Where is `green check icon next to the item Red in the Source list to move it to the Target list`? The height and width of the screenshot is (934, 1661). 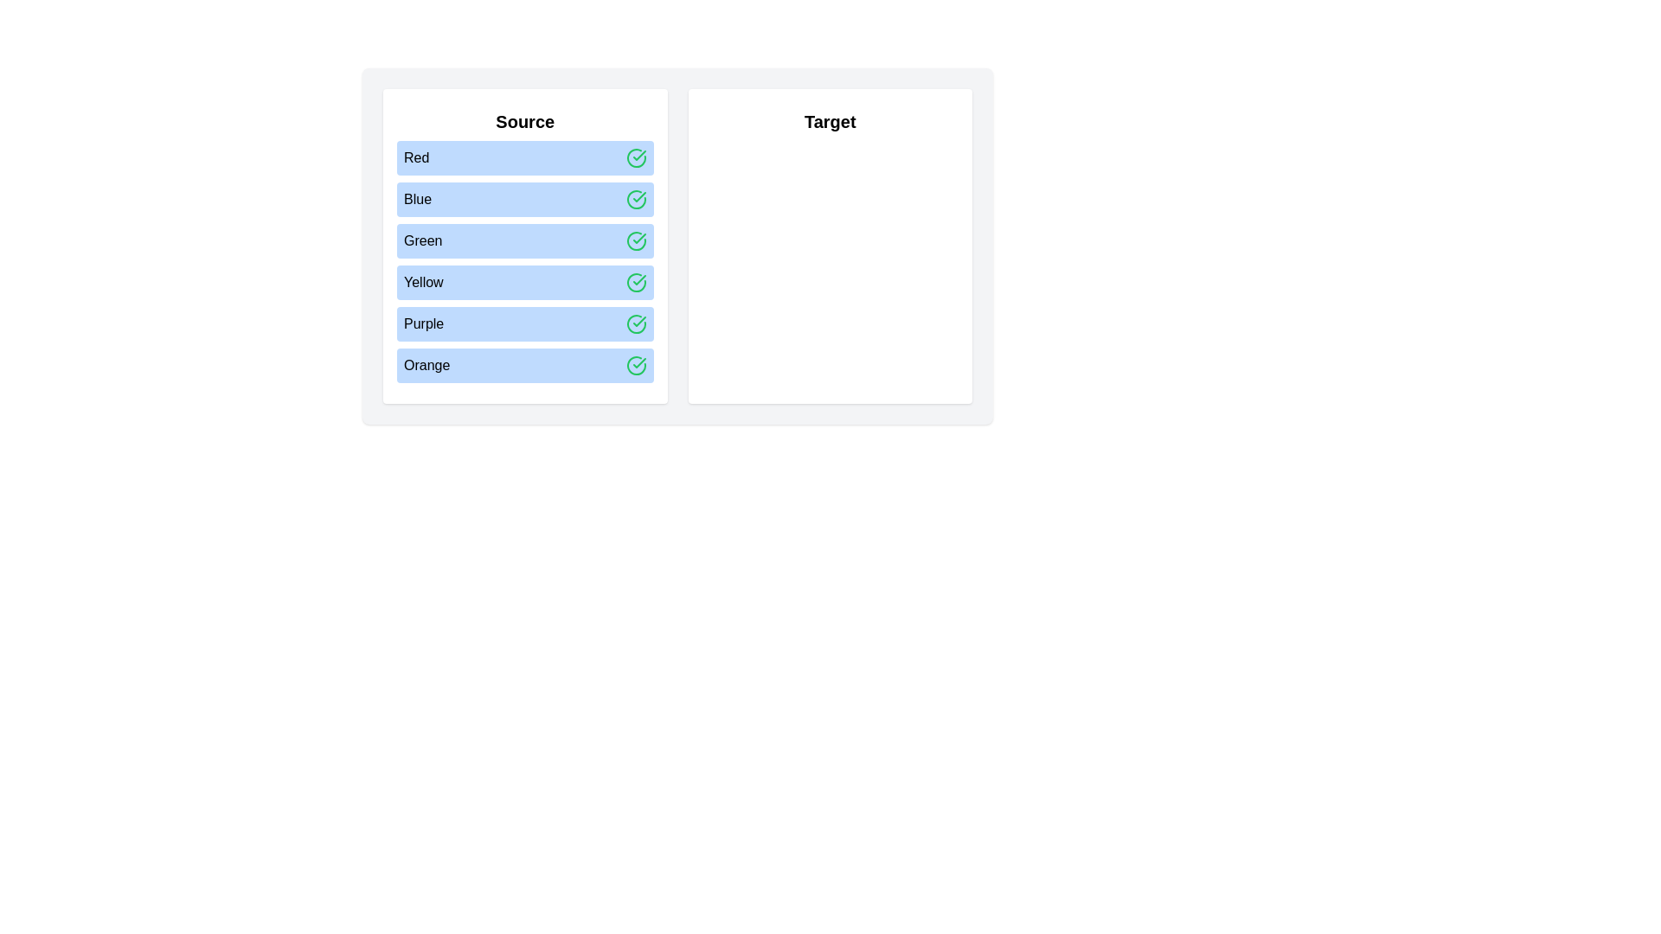 green check icon next to the item Red in the Source list to move it to the Target list is located at coordinates (635, 157).